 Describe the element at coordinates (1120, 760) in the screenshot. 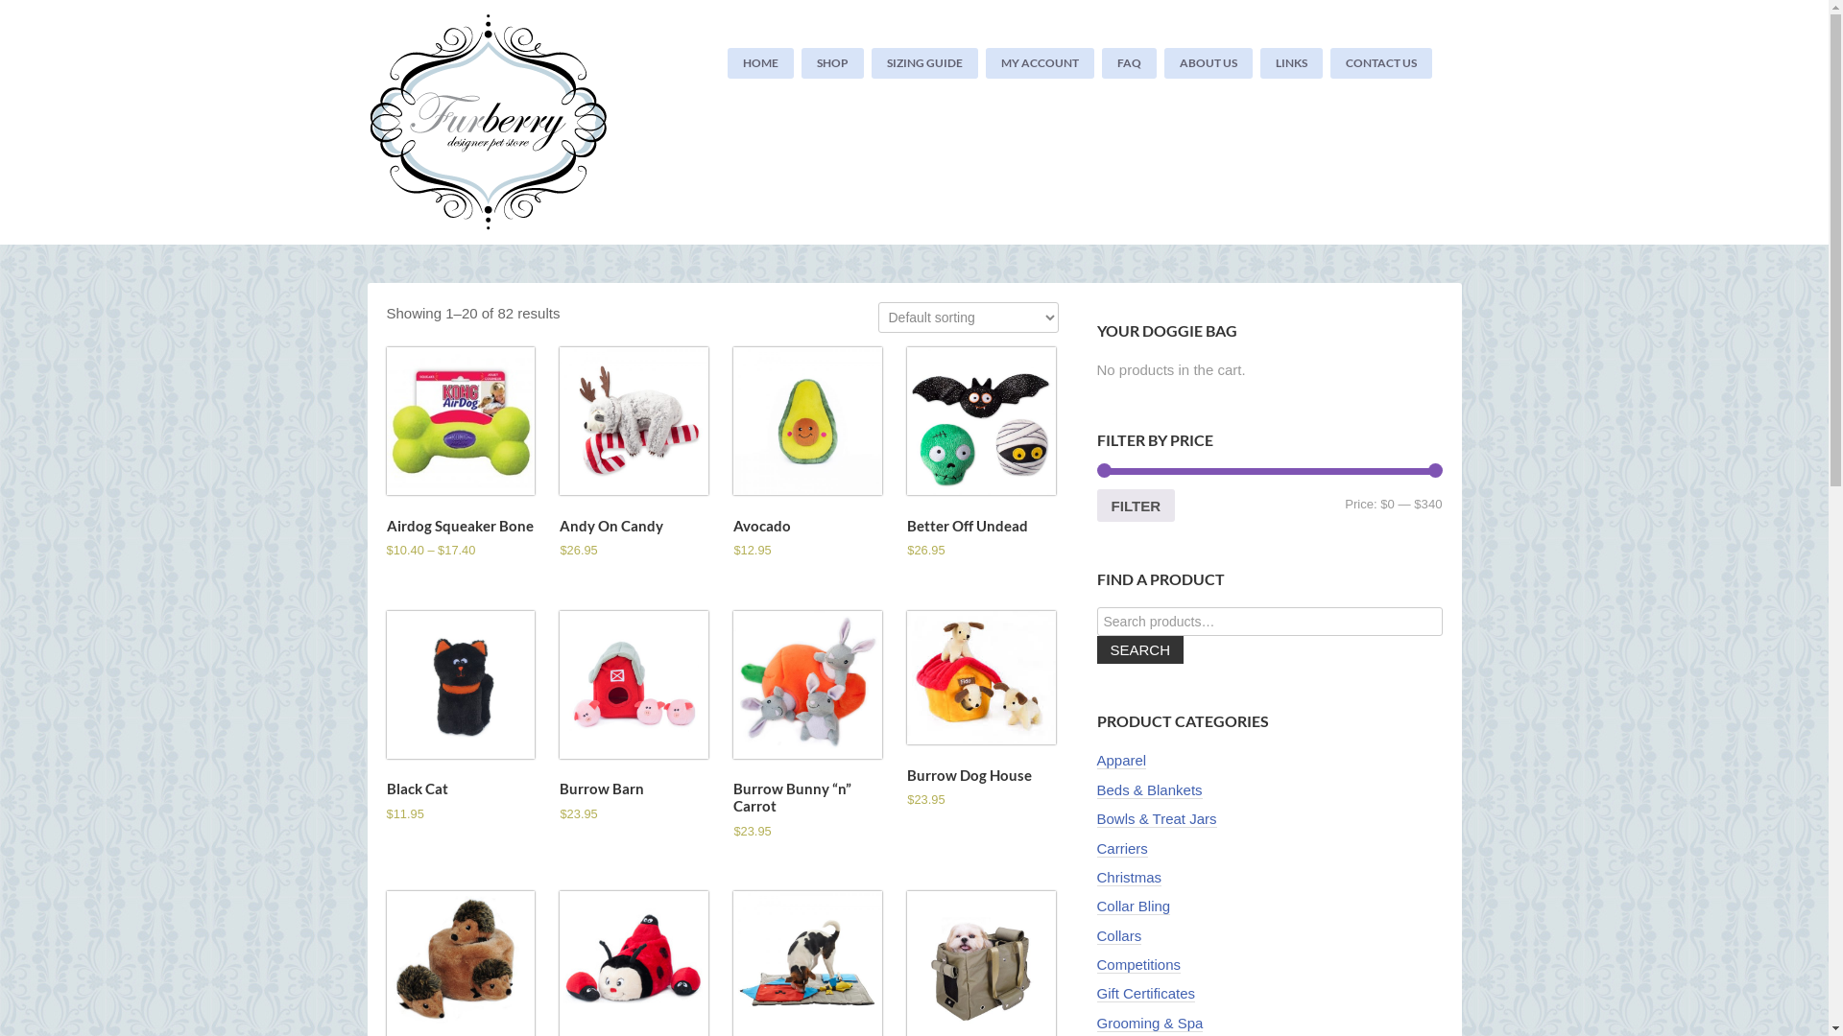

I see `'Apparel'` at that location.